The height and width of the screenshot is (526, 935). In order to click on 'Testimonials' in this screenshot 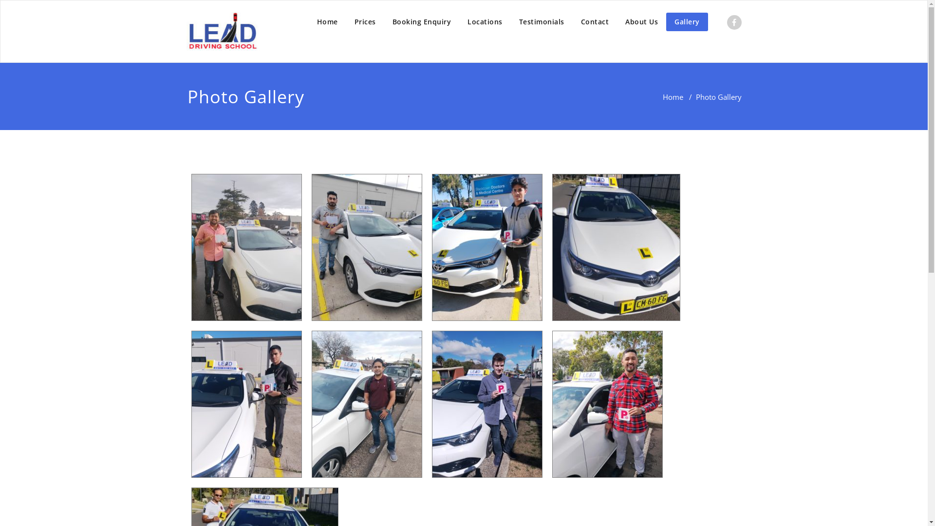, I will do `click(541, 22)`.